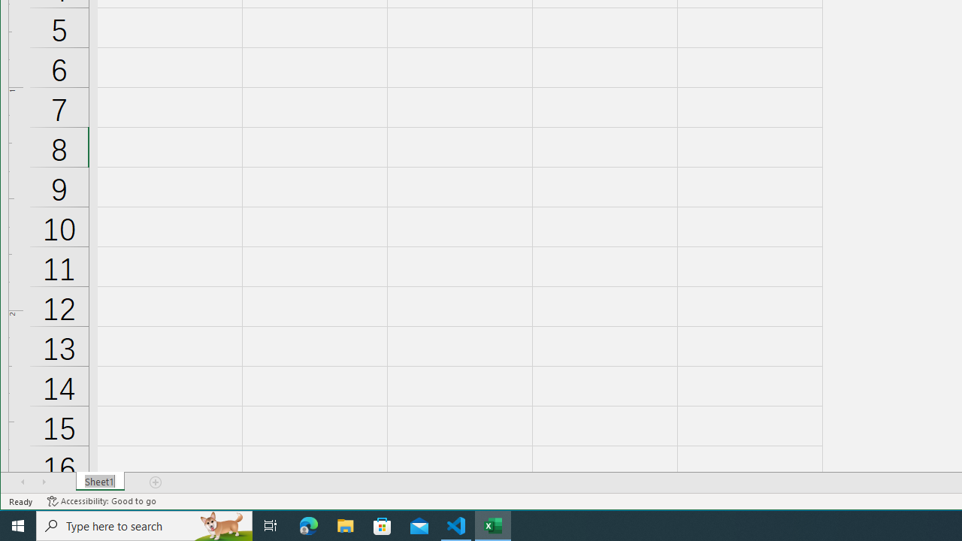 This screenshot has height=541, width=962. What do you see at coordinates (455, 524) in the screenshot?
I see `'Visual Studio Code - 1 running window'` at bounding box center [455, 524].